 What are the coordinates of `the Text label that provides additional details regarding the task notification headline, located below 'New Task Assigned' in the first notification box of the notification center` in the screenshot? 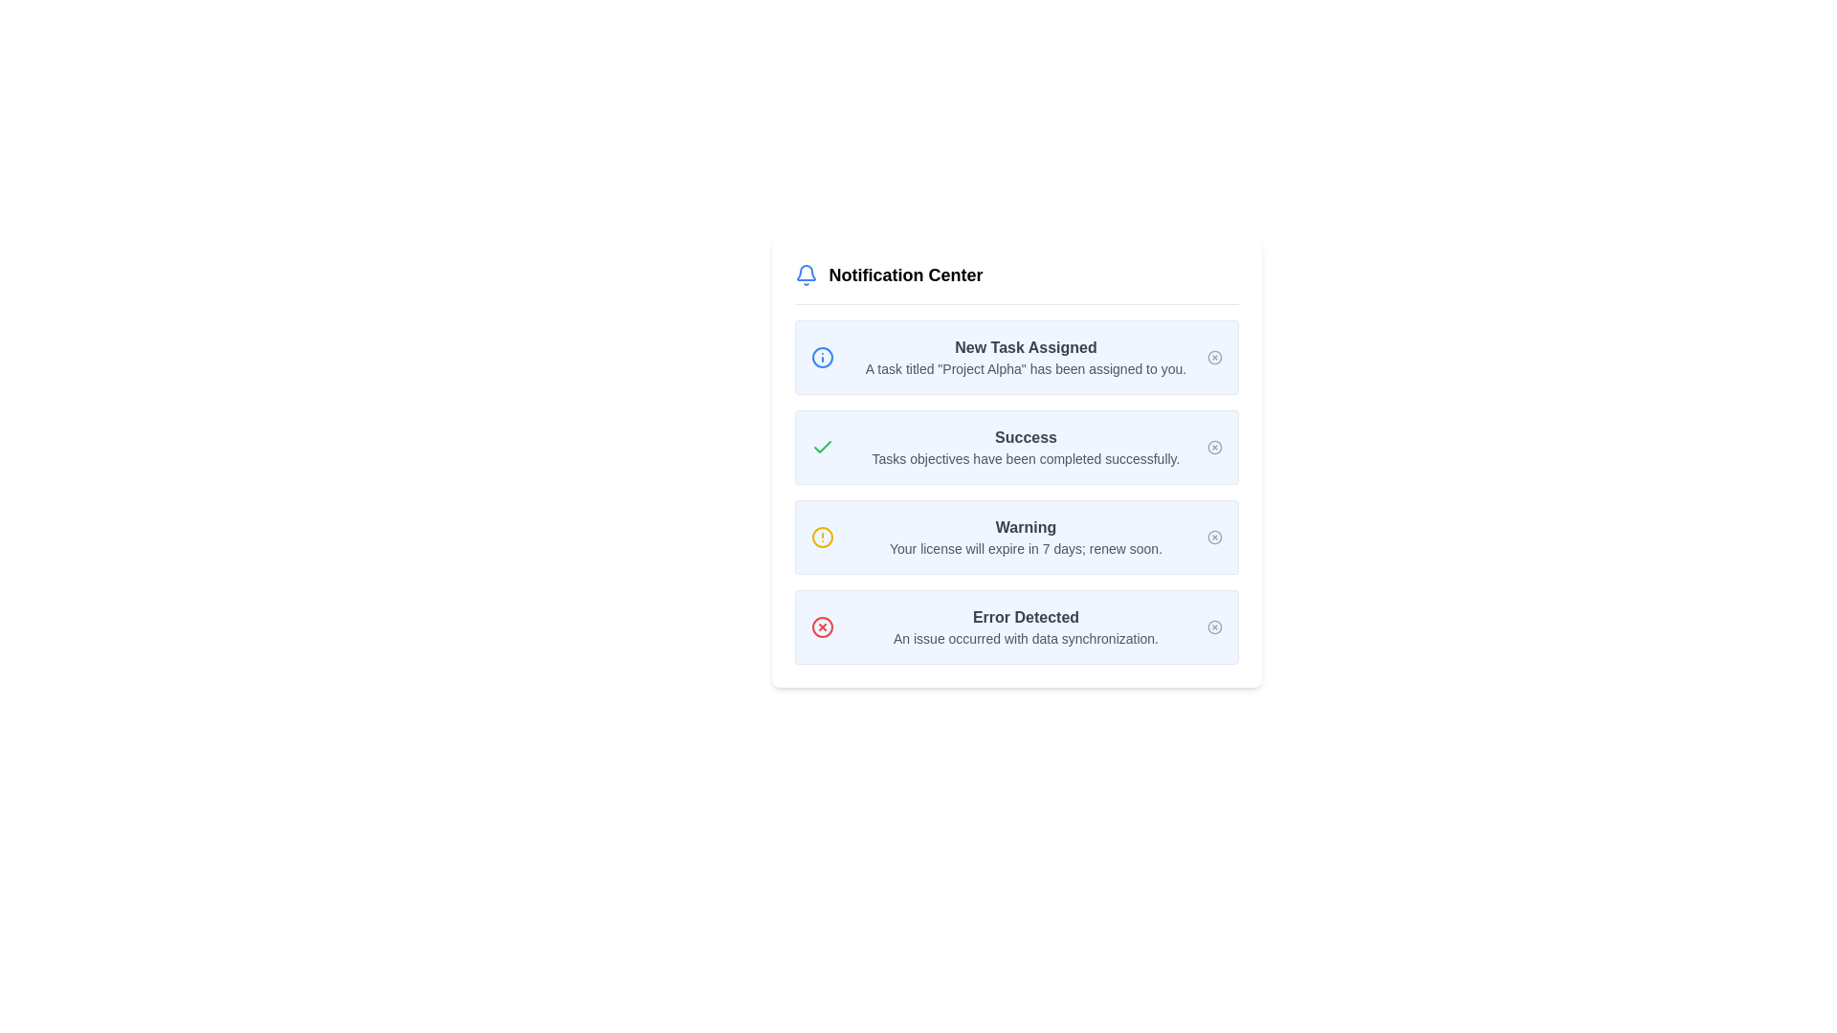 It's located at (1025, 368).